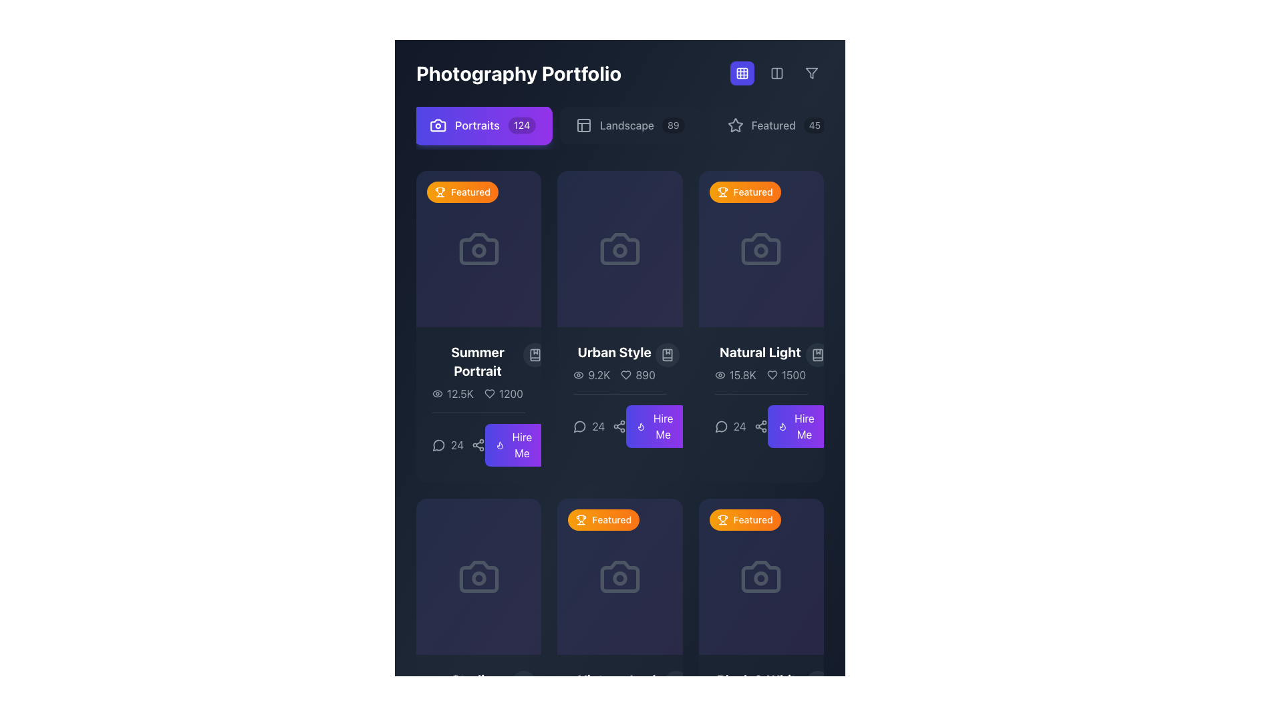  Describe the element at coordinates (619, 395) in the screenshot. I see `the Content Card displaying metadata for the photography portfolio entry located in the middle column of the second row under 'Urban Style'` at that location.